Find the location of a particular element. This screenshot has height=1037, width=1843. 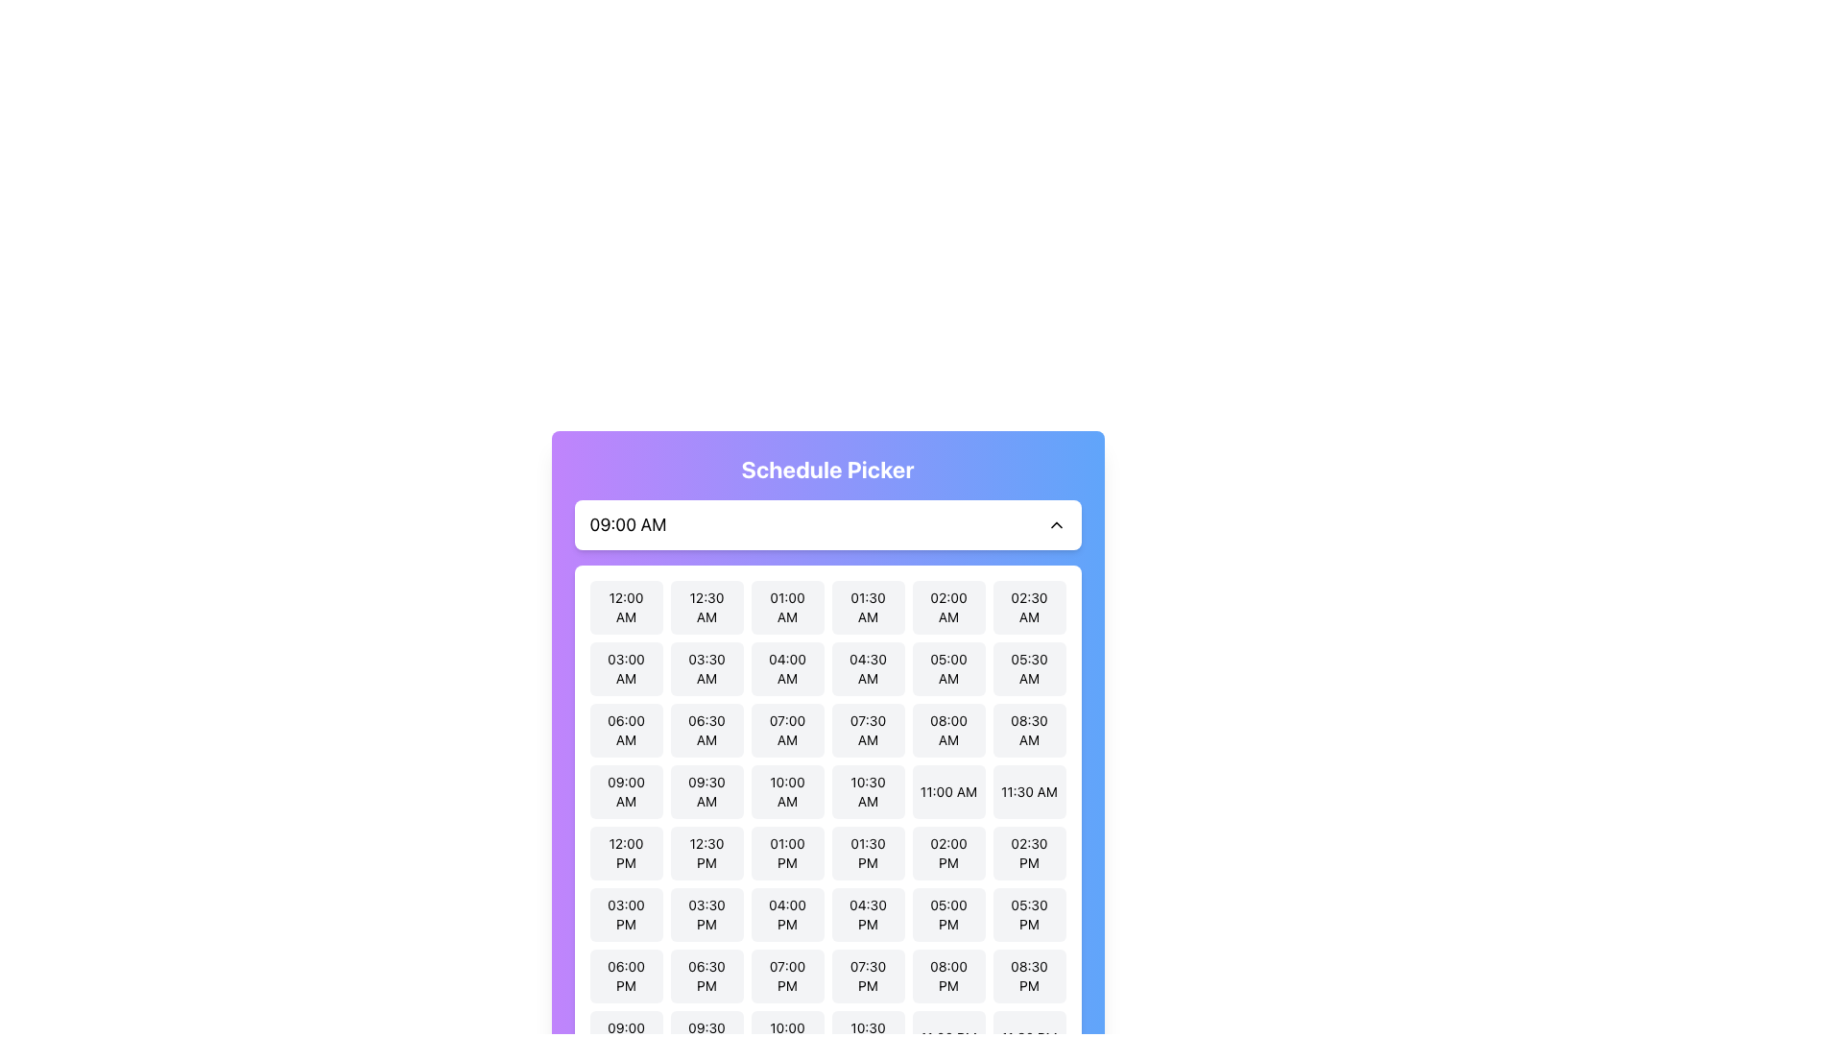

the selectable time slot button labeled '04:30 PM' in the Schedule Picker is located at coordinates (867, 913).